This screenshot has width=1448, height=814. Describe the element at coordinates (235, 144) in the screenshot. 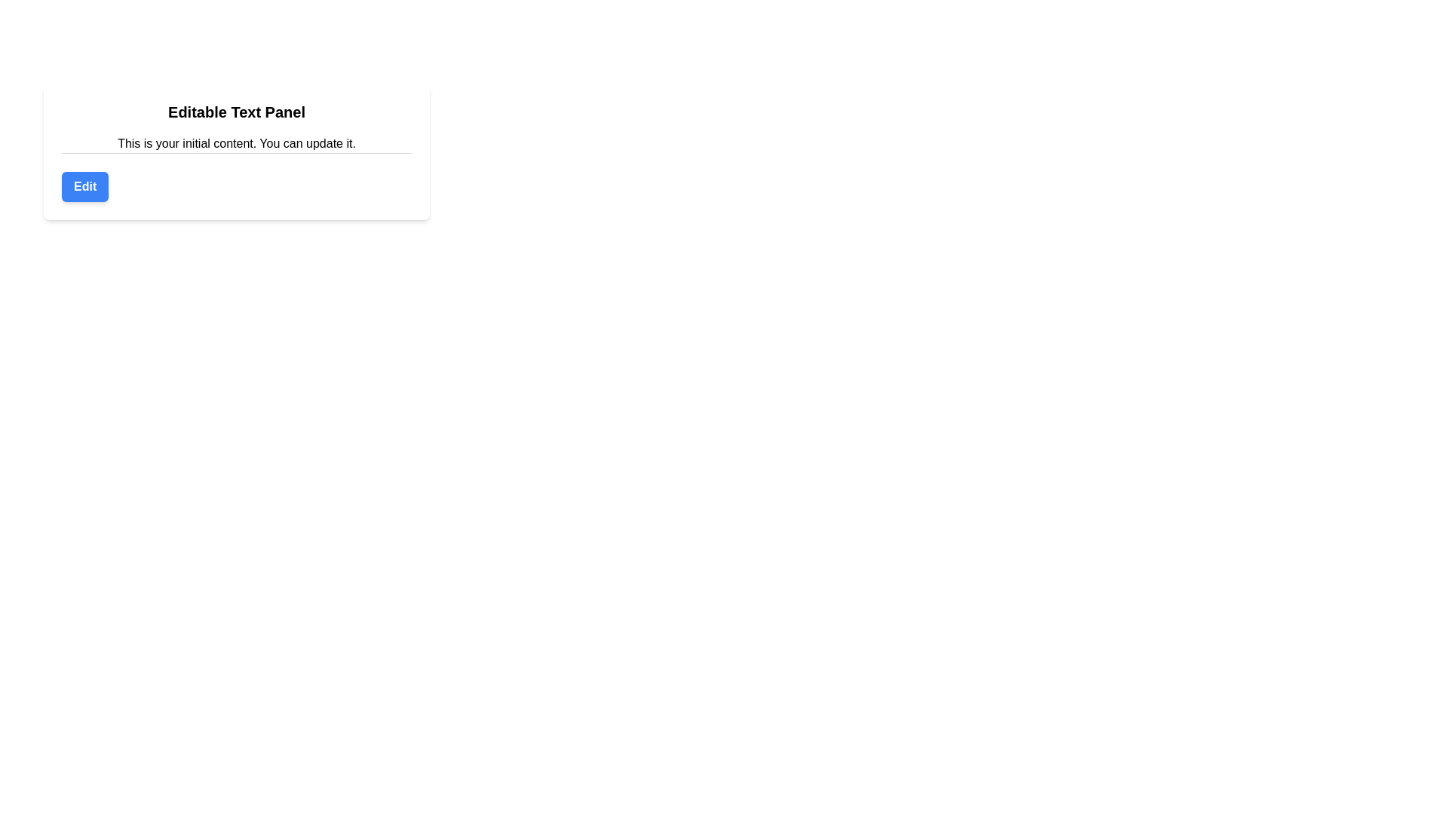

I see `the text display element that informs the user about editable content, positioned centrally beneath 'Editable Text Panel' and above the 'Edit' button` at that location.